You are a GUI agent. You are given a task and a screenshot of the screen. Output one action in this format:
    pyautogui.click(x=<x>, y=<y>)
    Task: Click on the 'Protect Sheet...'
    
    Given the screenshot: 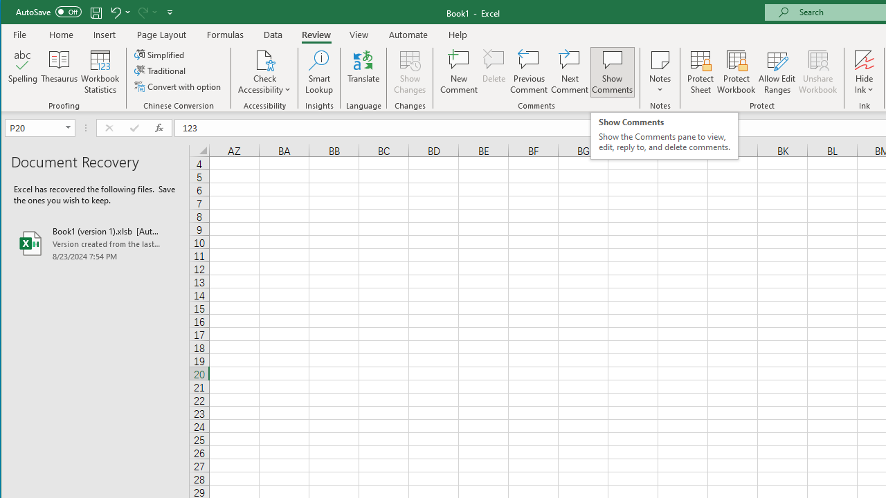 What is the action you would take?
    pyautogui.click(x=700, y=72)
    